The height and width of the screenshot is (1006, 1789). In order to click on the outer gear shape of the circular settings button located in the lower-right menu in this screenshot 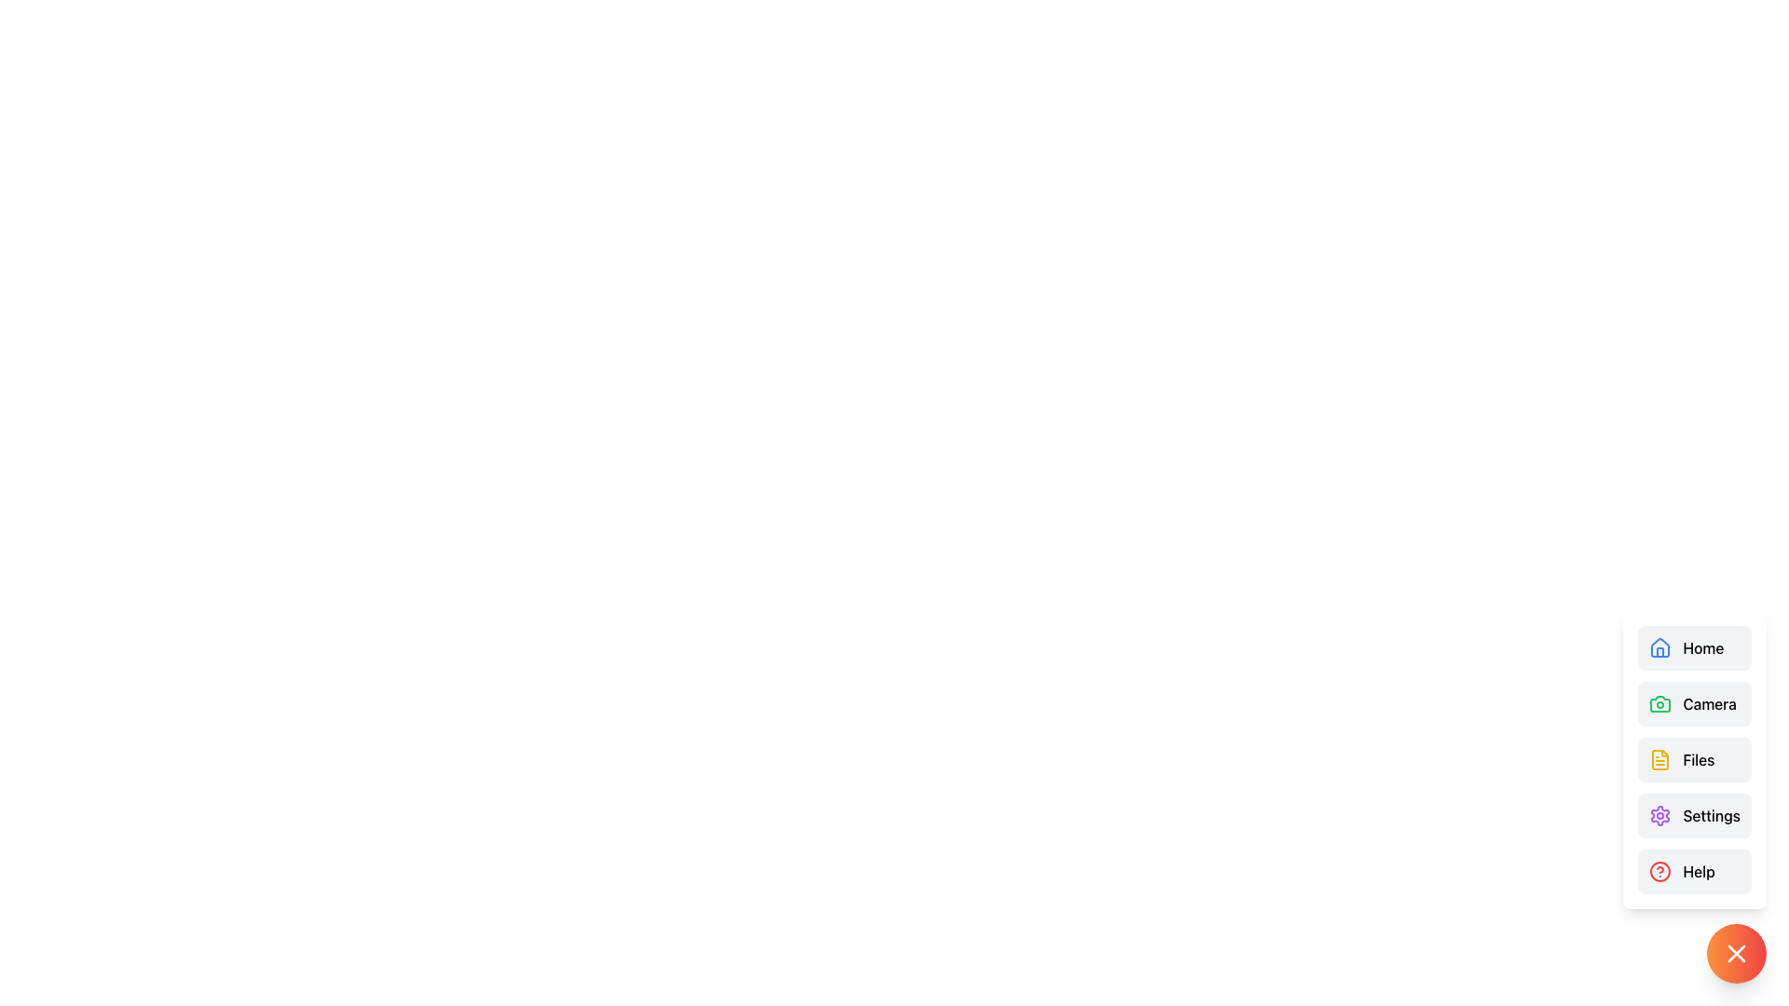, I will do `click(1660, 814)`.